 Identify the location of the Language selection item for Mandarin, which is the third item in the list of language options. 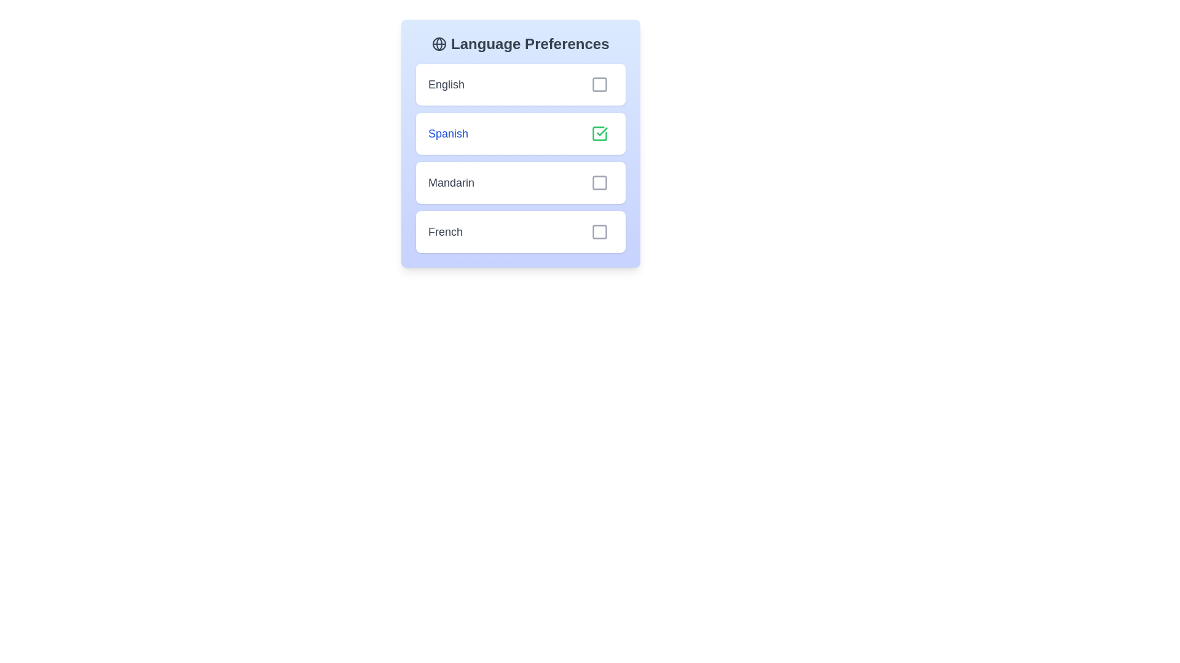
(521, 182).